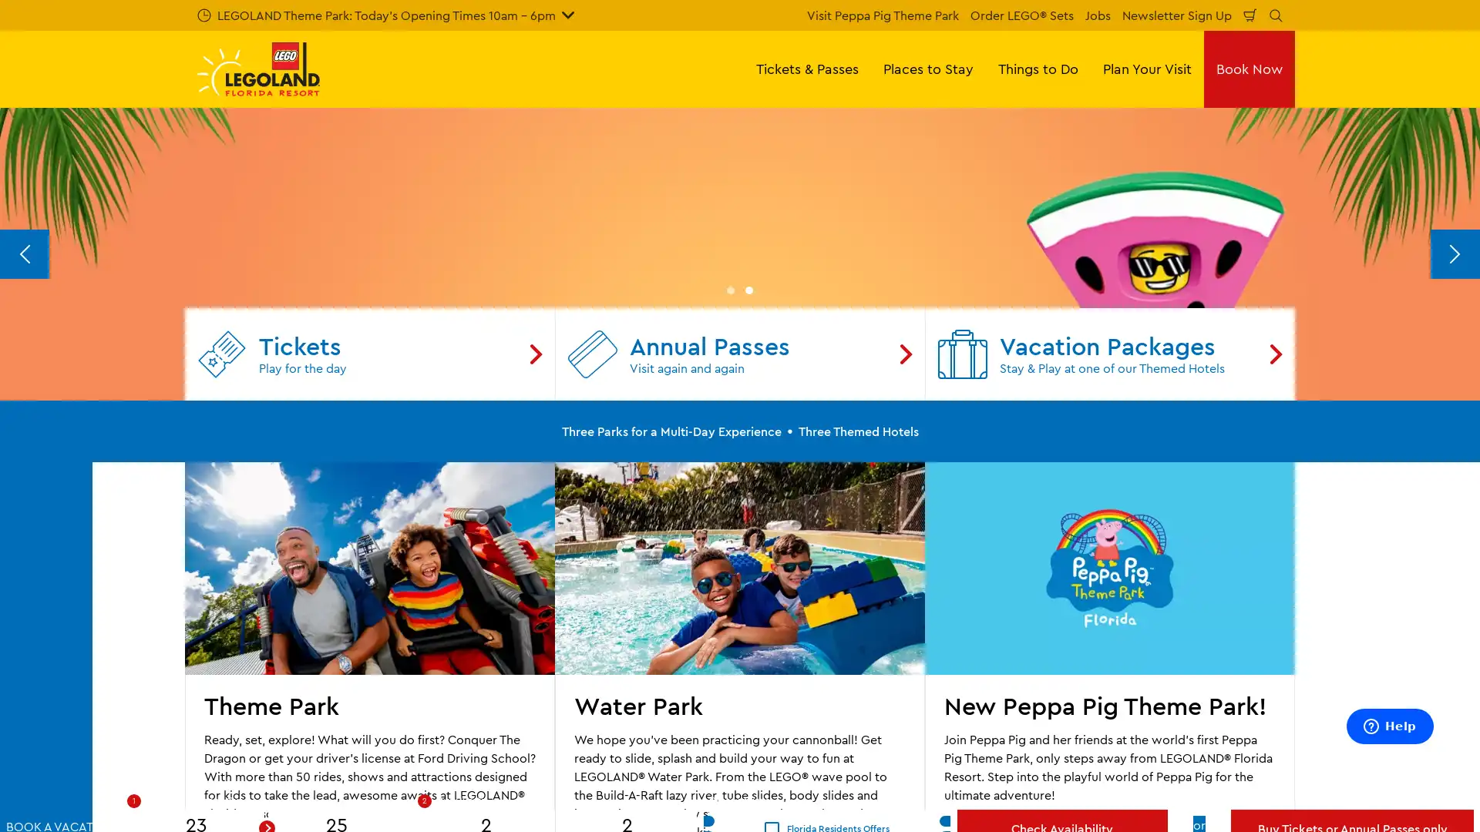 The image size is (1480, 832). What do you see at coordinates (748, 596) in the screenshot?
I see `Go to slide 2` at bounding box center [748, 596].